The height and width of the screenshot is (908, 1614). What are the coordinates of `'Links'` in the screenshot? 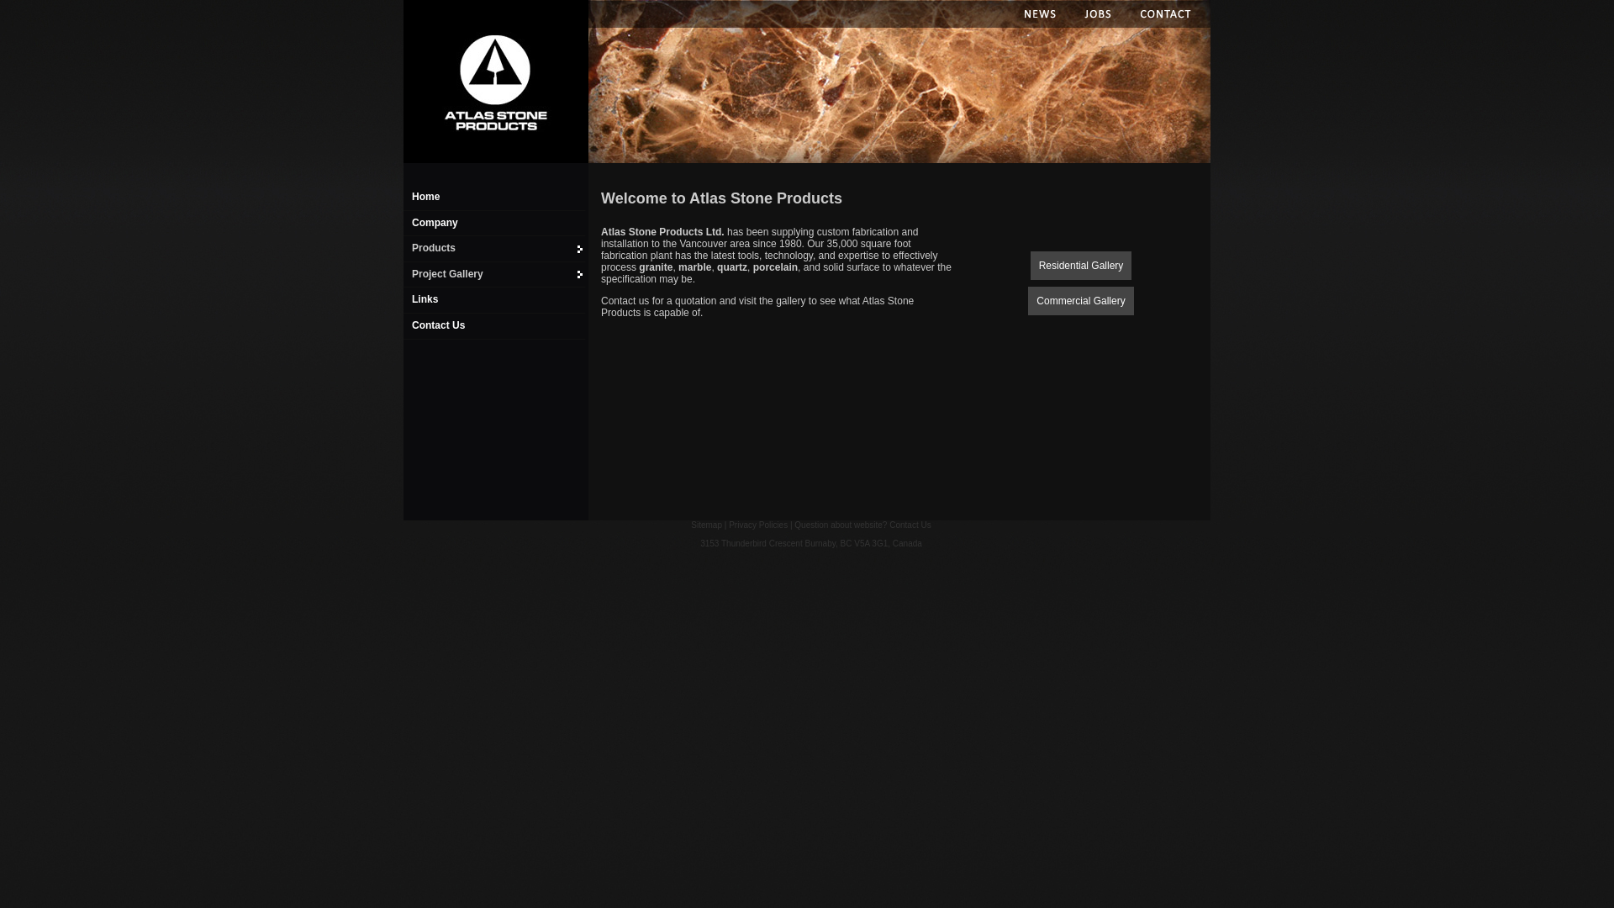 It's located at (411, 298).